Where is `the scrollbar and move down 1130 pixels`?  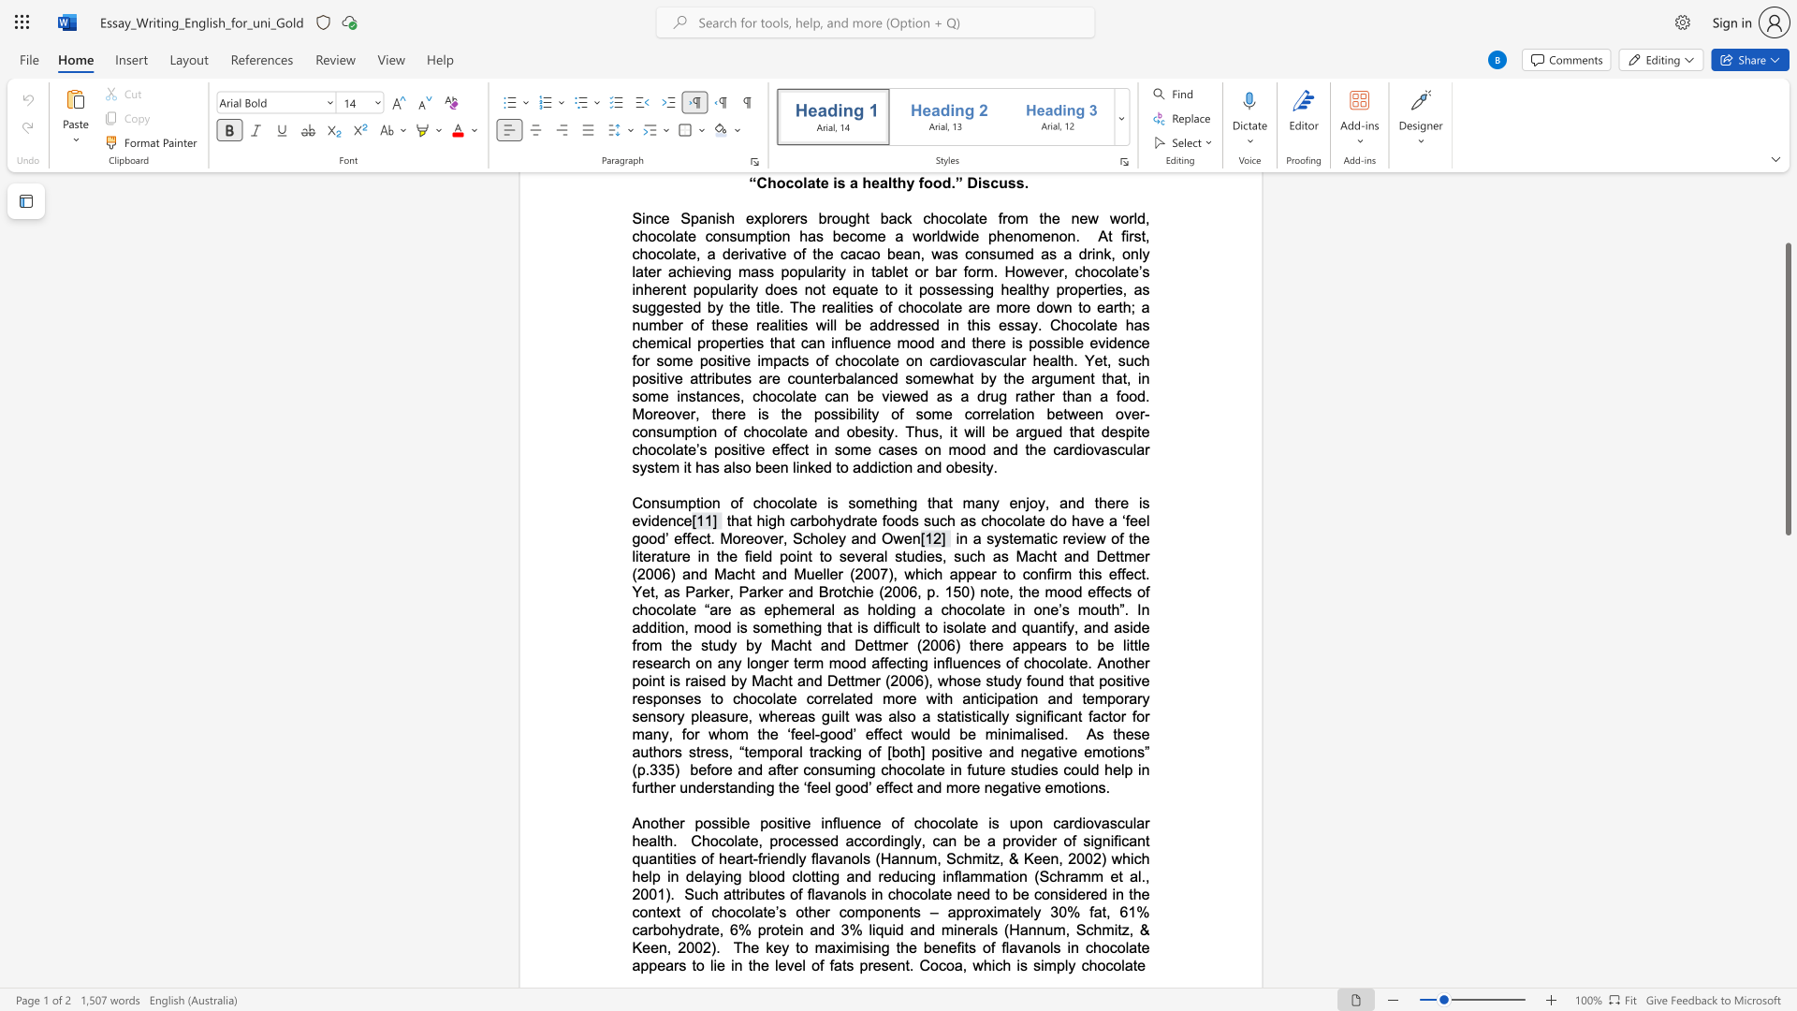
the scrollbar and move down 1130 pixels is located at coordinates (1787, 388).